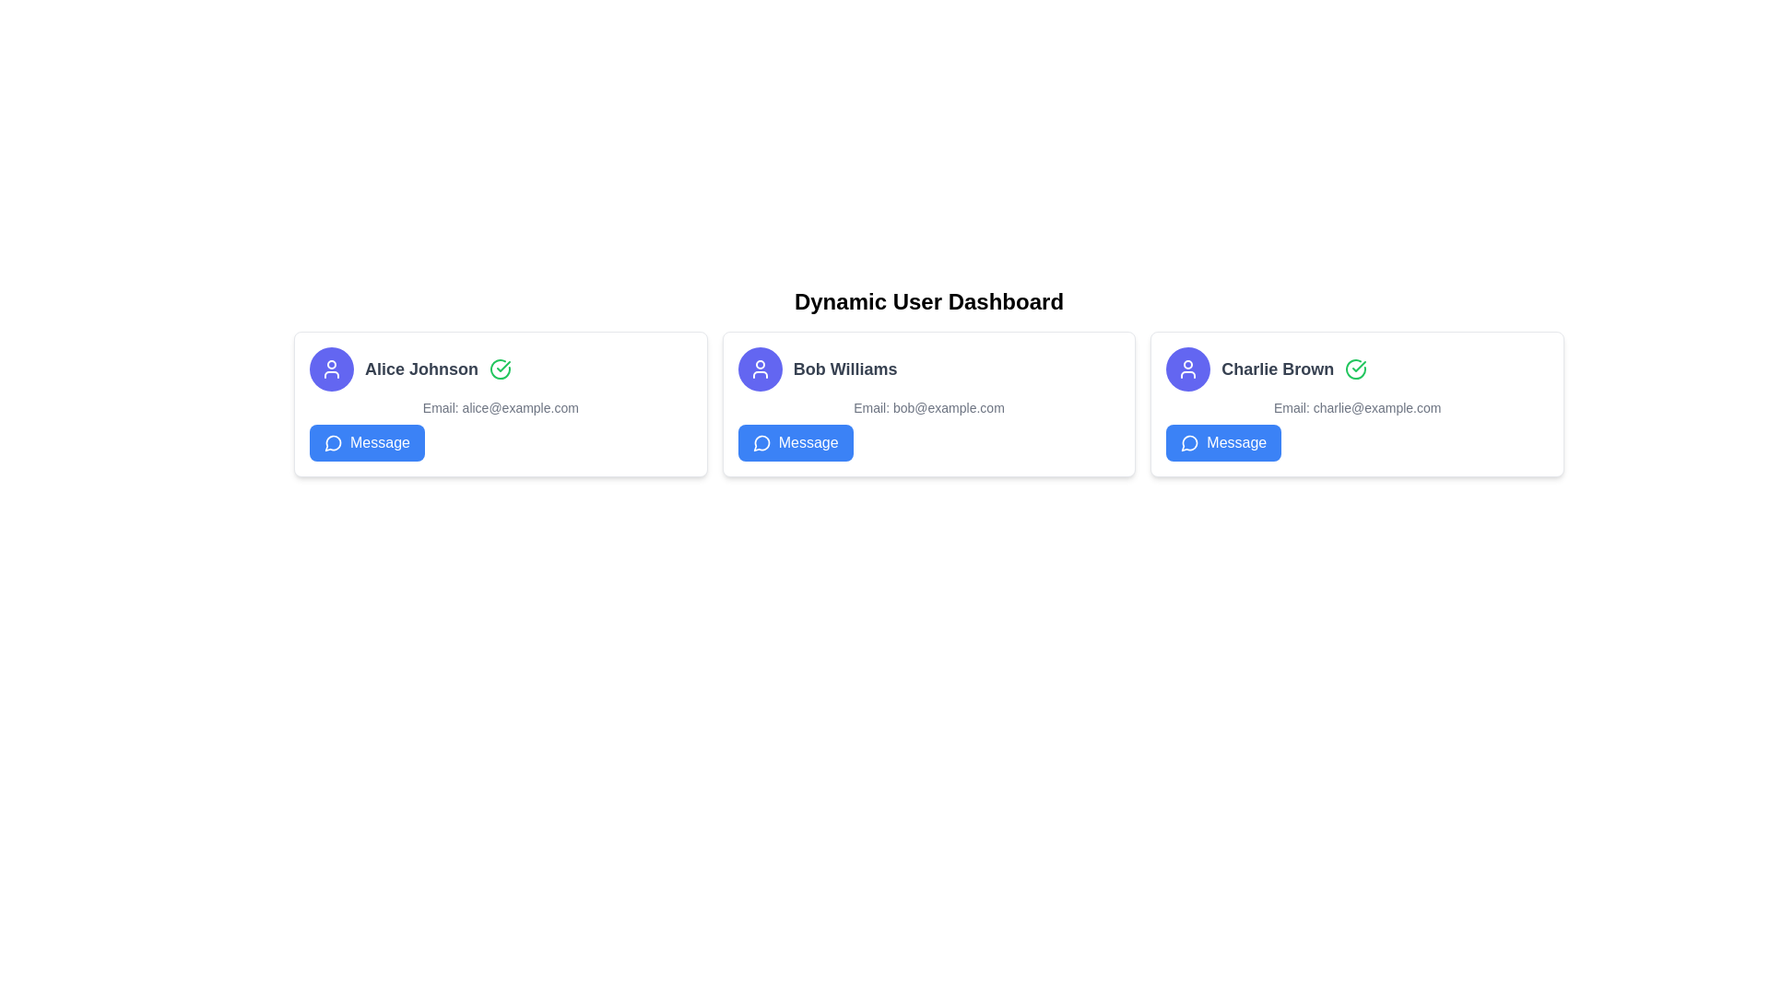 The width and height of the screenshot is (1770, 995). Describe the element at coordinates (1356, 369) in the screenshot. I see `the checkmark icon indicating that the profile of 'Charlie Brown' is verified, located at the rightmost position in the row of user cards` at that location.